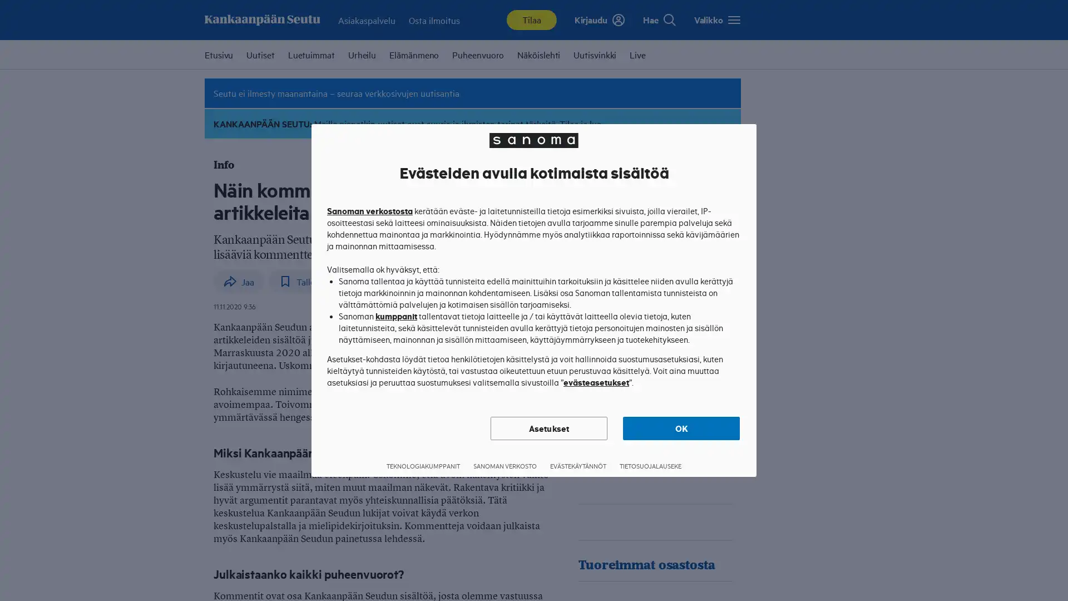 The image size is (1068, 601). I want to click on Jaa, so click(685, 17).